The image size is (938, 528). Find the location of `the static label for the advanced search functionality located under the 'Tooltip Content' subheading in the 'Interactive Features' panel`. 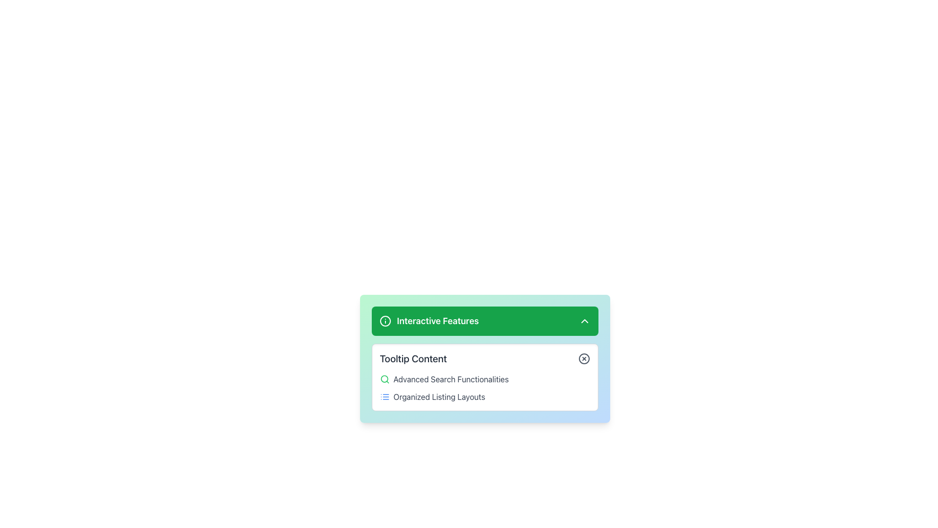

the static label for the advanced search functionality located under the 'Tooltip Content' subheading in the 'Interactive Features' panel is located at coordinates (485, 378).